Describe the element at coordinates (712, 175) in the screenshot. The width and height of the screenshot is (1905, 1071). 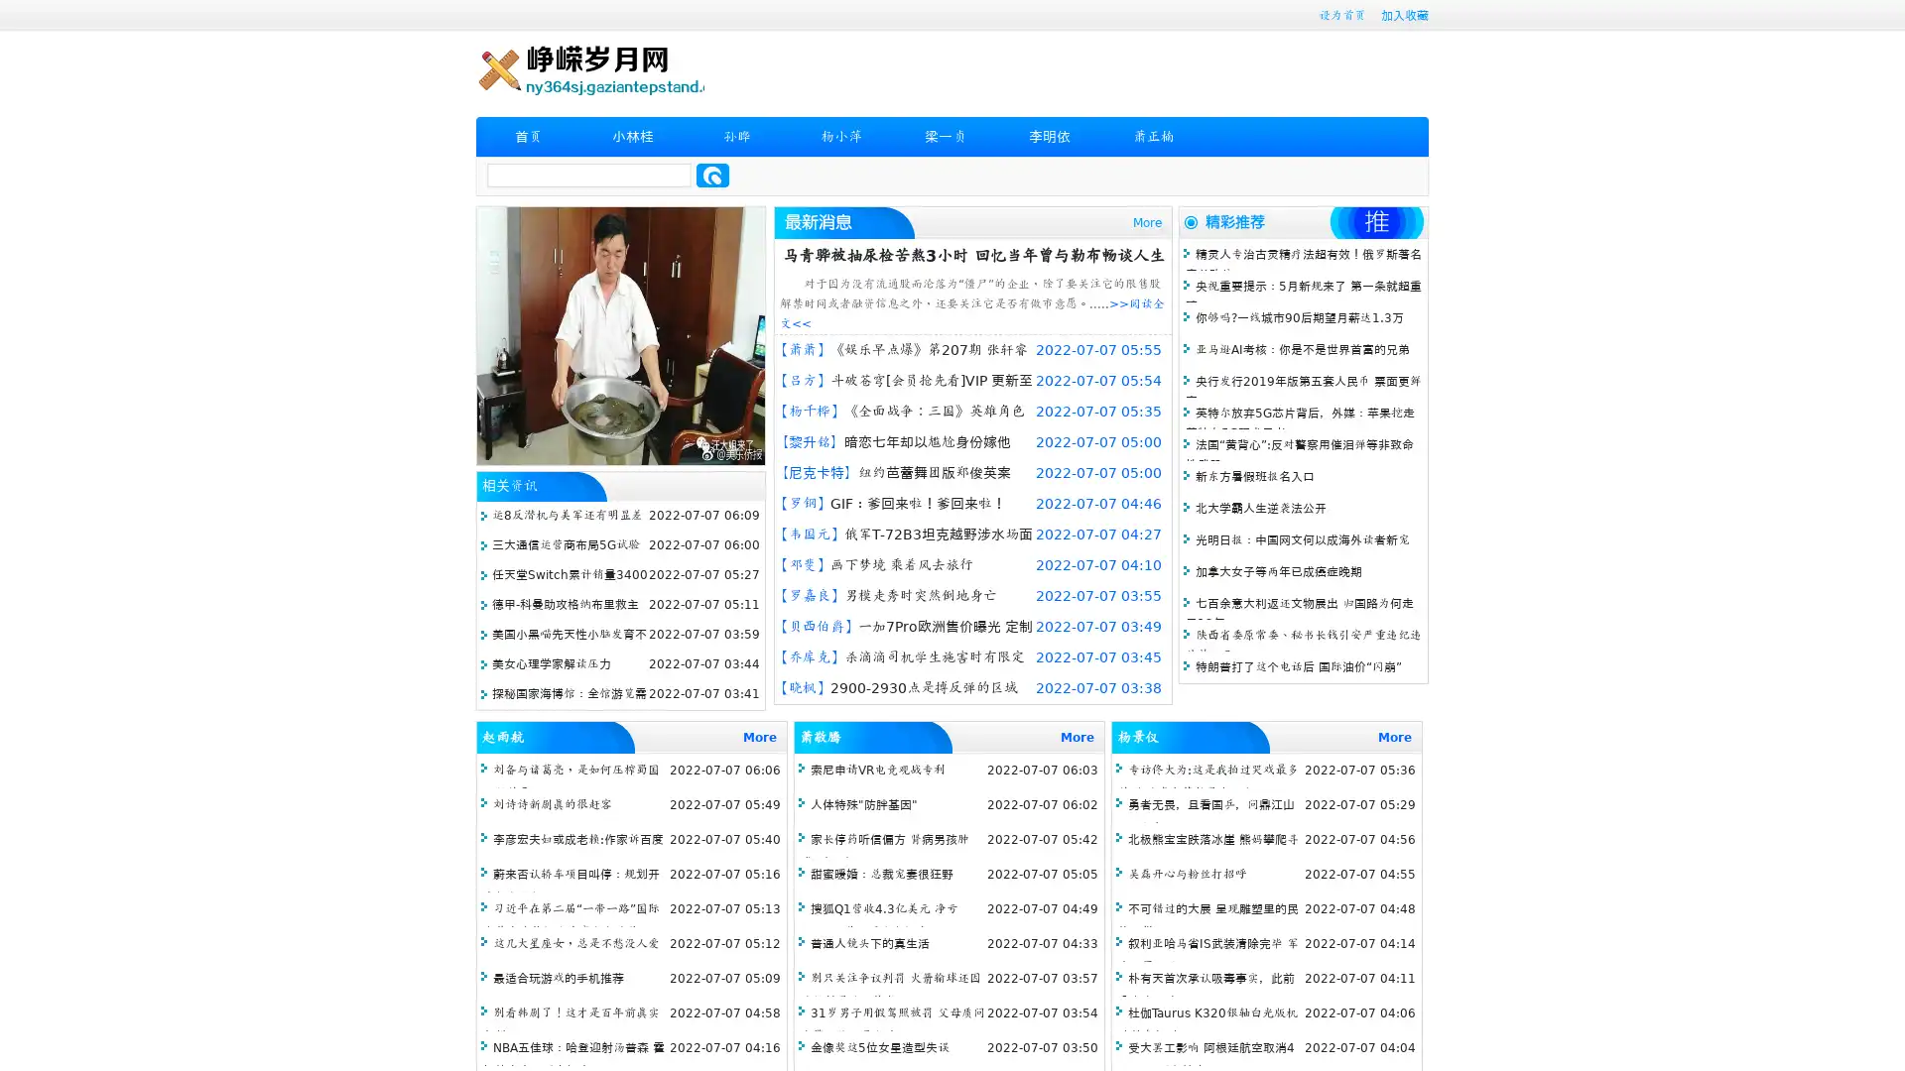
I see `Search` at that location.